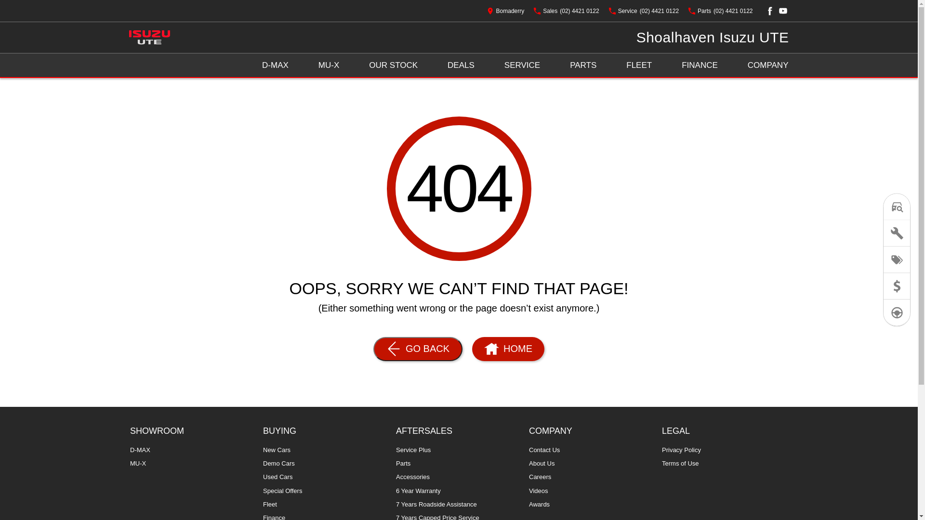  What do you see at coordinates (538, 494) in the screenshot?
I see `'Videos'` at bounding box center [538, 494].